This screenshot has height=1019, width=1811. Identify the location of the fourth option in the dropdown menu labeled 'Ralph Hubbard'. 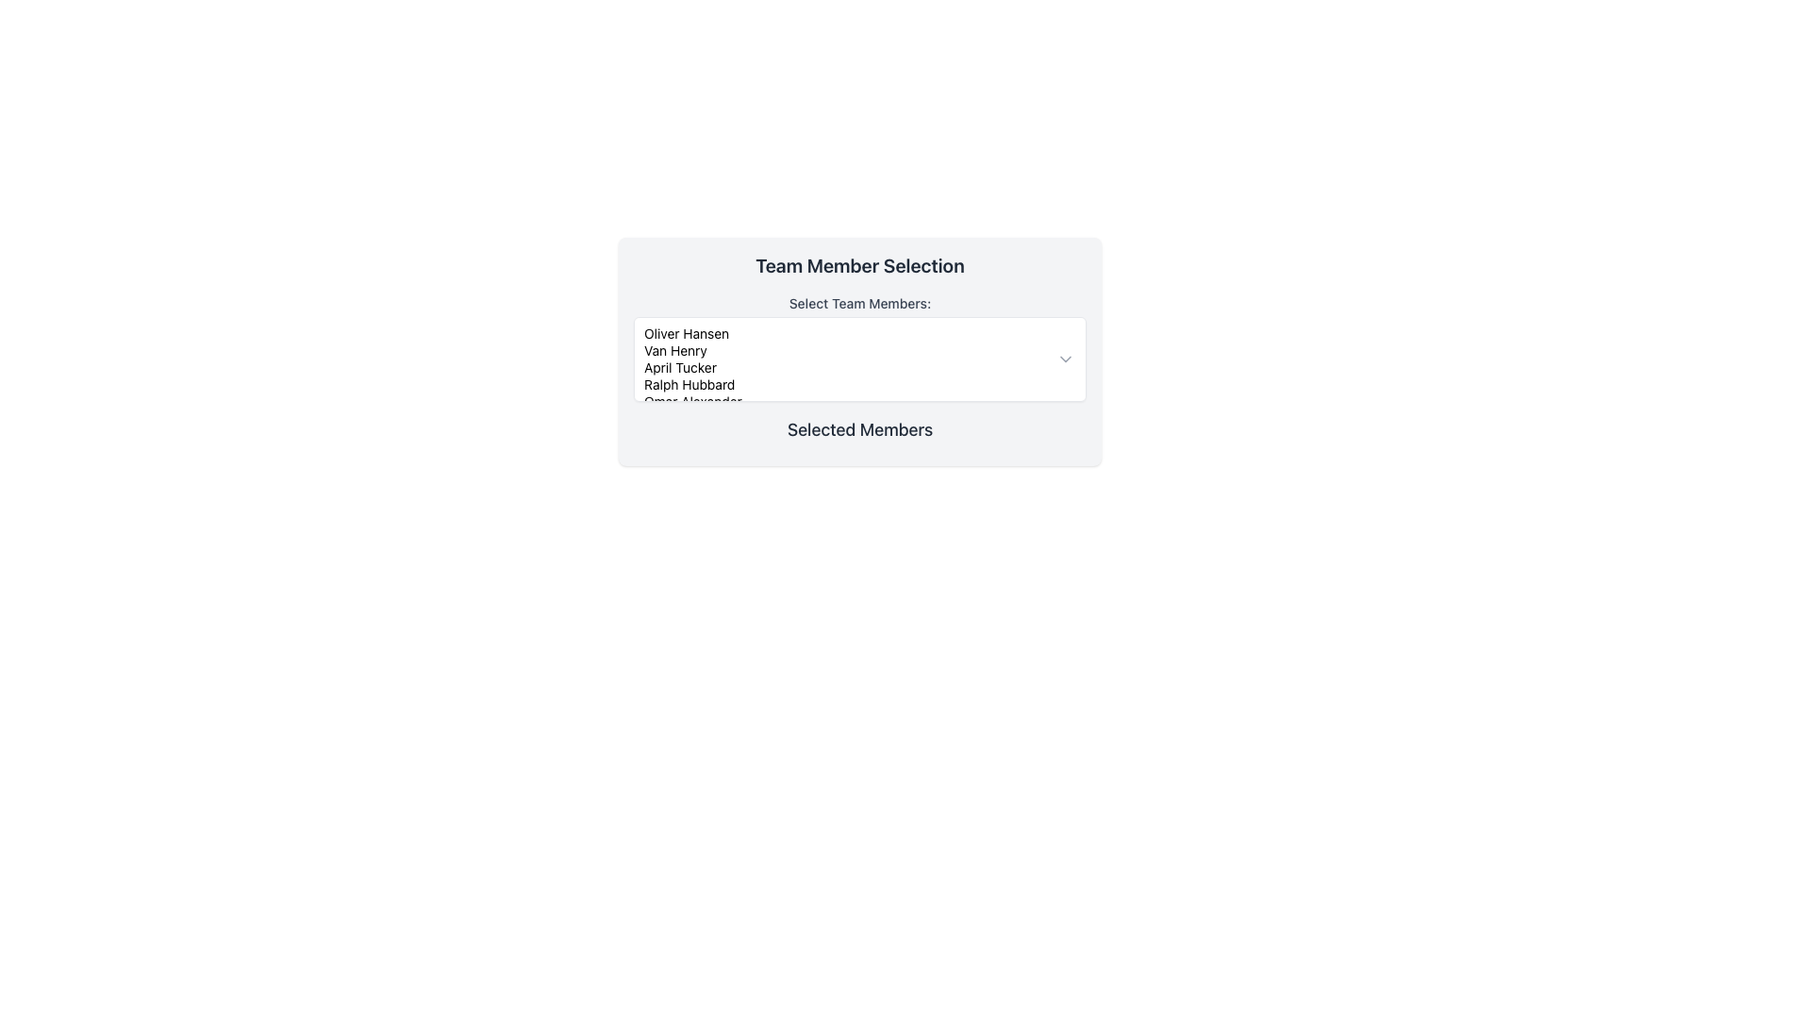
(844, 384).